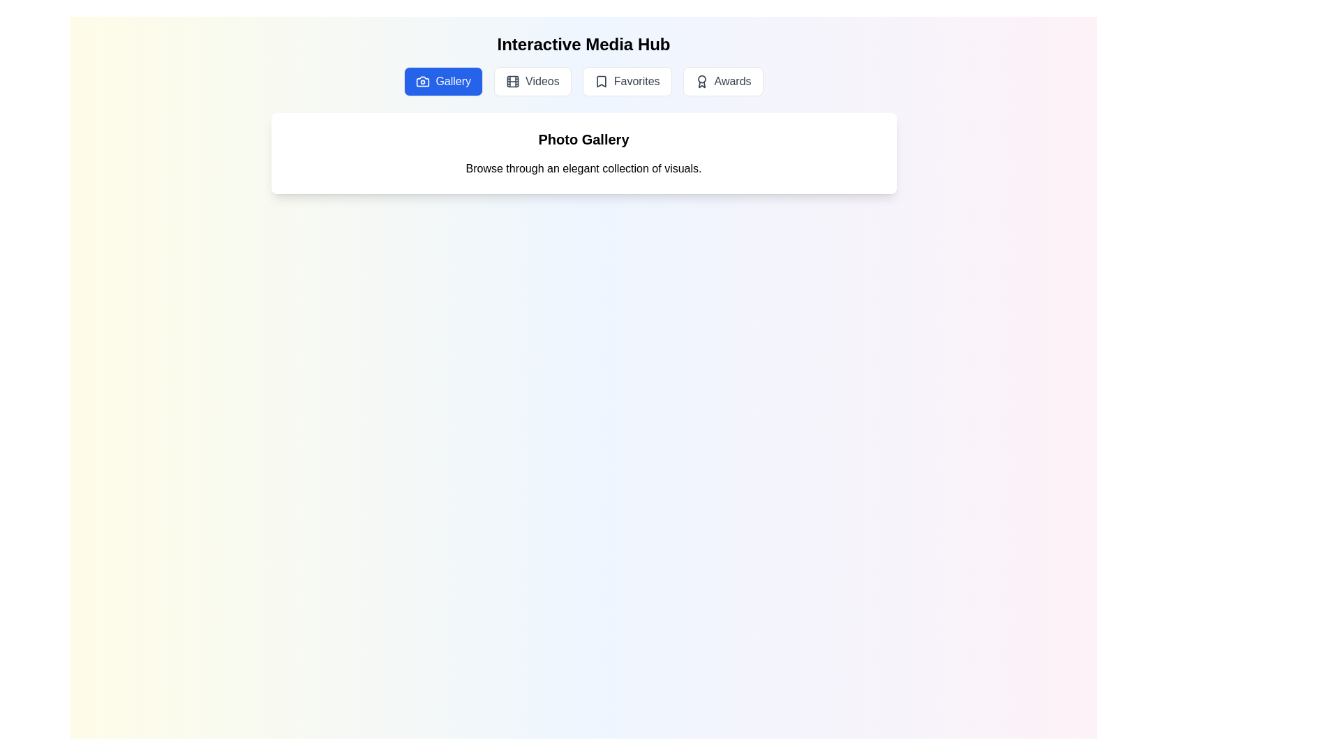 This screenshot has width=1340, height=754. Describe the element at coordinates (701, 81) in the screenshot. I see `the small circular award icon with a ribbon-like design located in the middle of the 'Awards' button, the fourth button from the left in the horizontal navigation bar` at that location.